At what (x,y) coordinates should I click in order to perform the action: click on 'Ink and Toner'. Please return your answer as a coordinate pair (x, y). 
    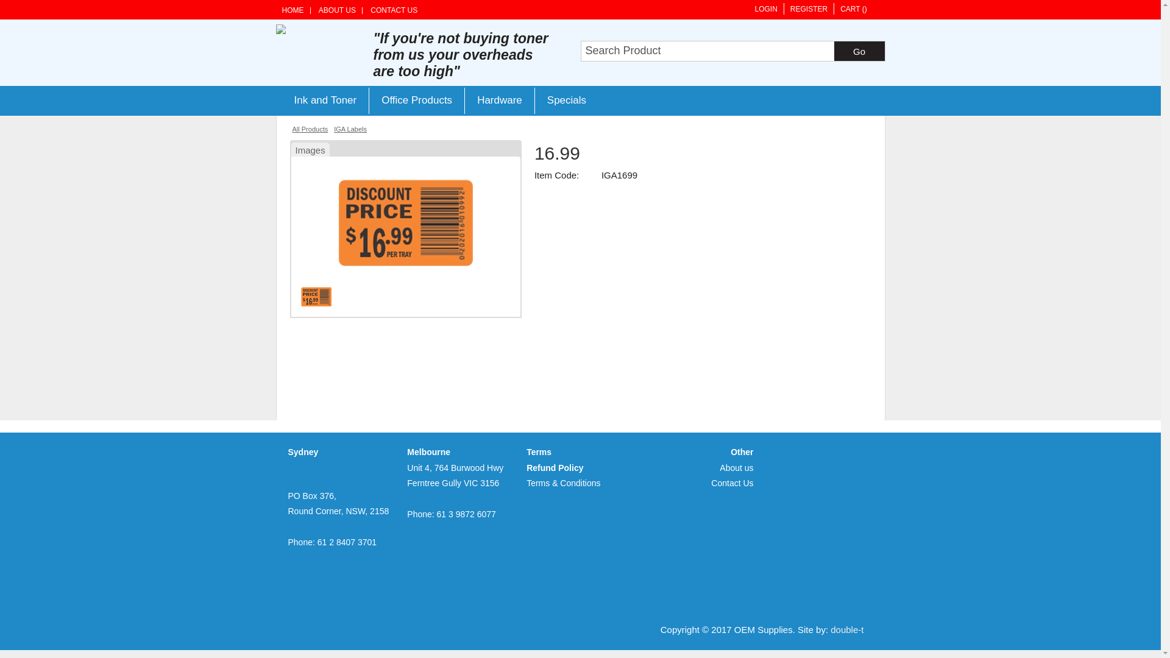
    Looking at the image, I should click on (325, 100).